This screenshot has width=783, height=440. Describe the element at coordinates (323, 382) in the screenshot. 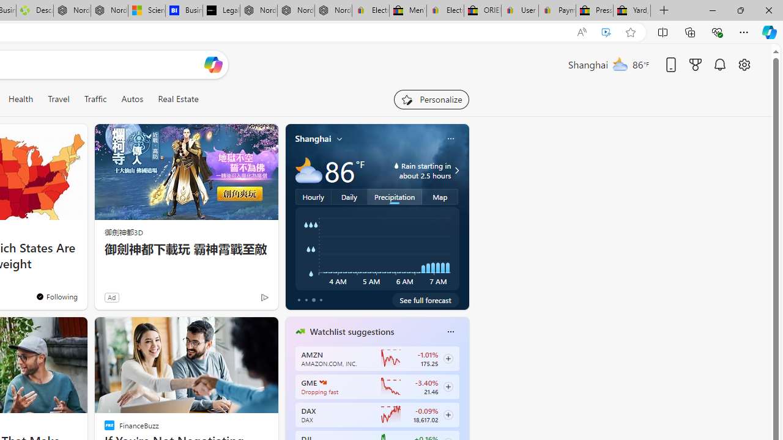

I see `'GAMESTOP CORP.'` at that location.